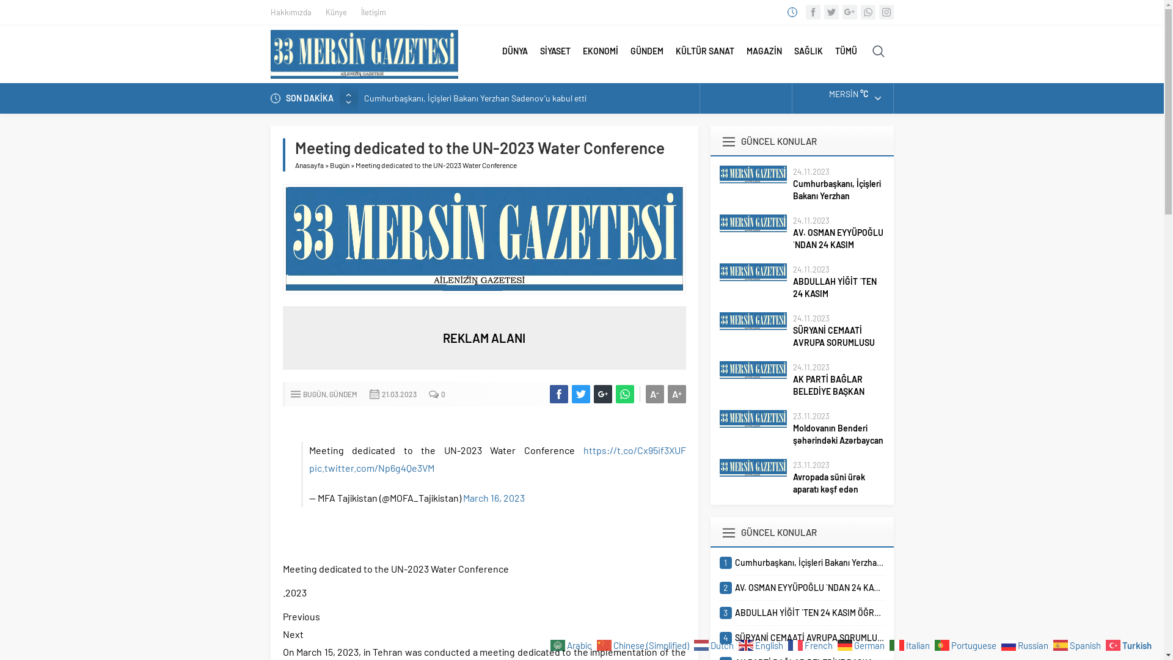 This screenshot has width=1173, height=660. I want to click on 'pic.twitter.com/Np6g4Qe3VM', so click(309, 468).